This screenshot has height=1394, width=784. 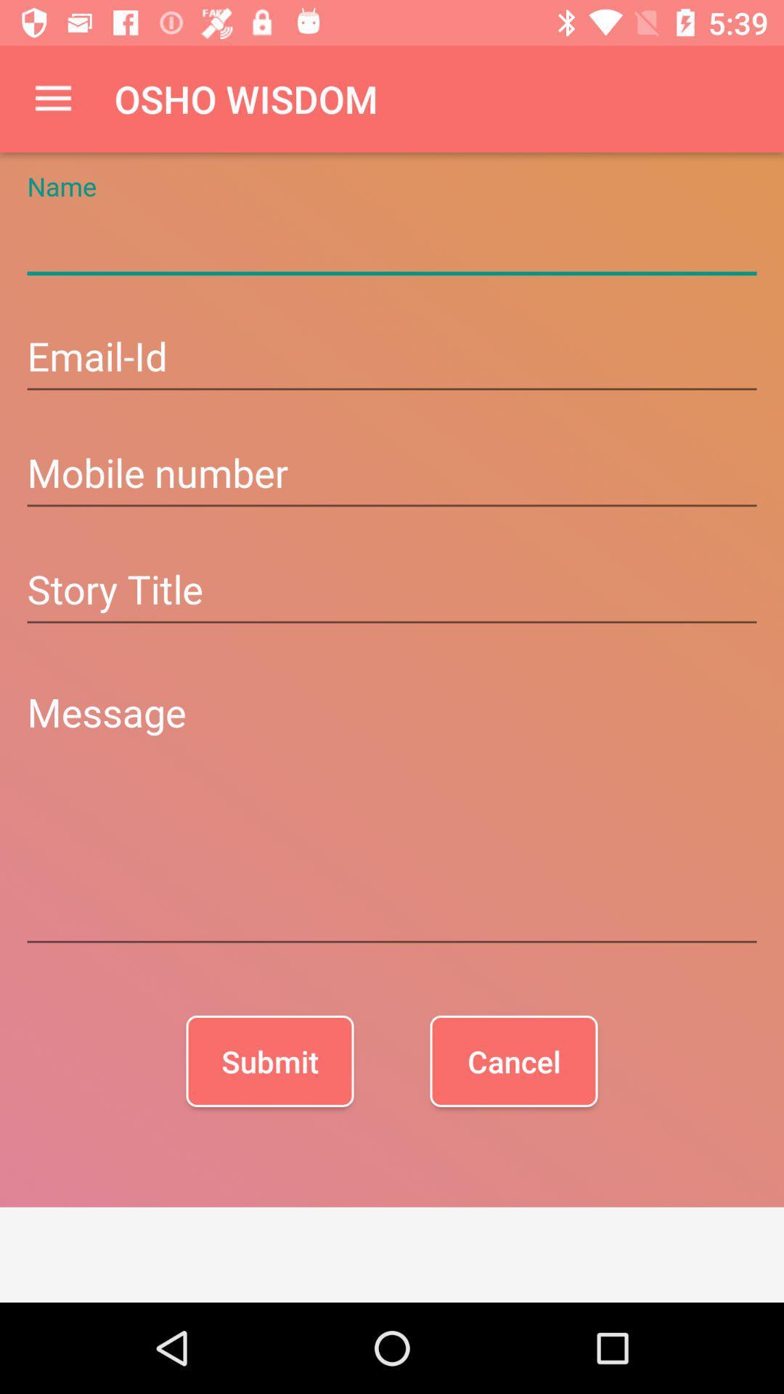 I want to click on cell number, so click(x=392, y=475).